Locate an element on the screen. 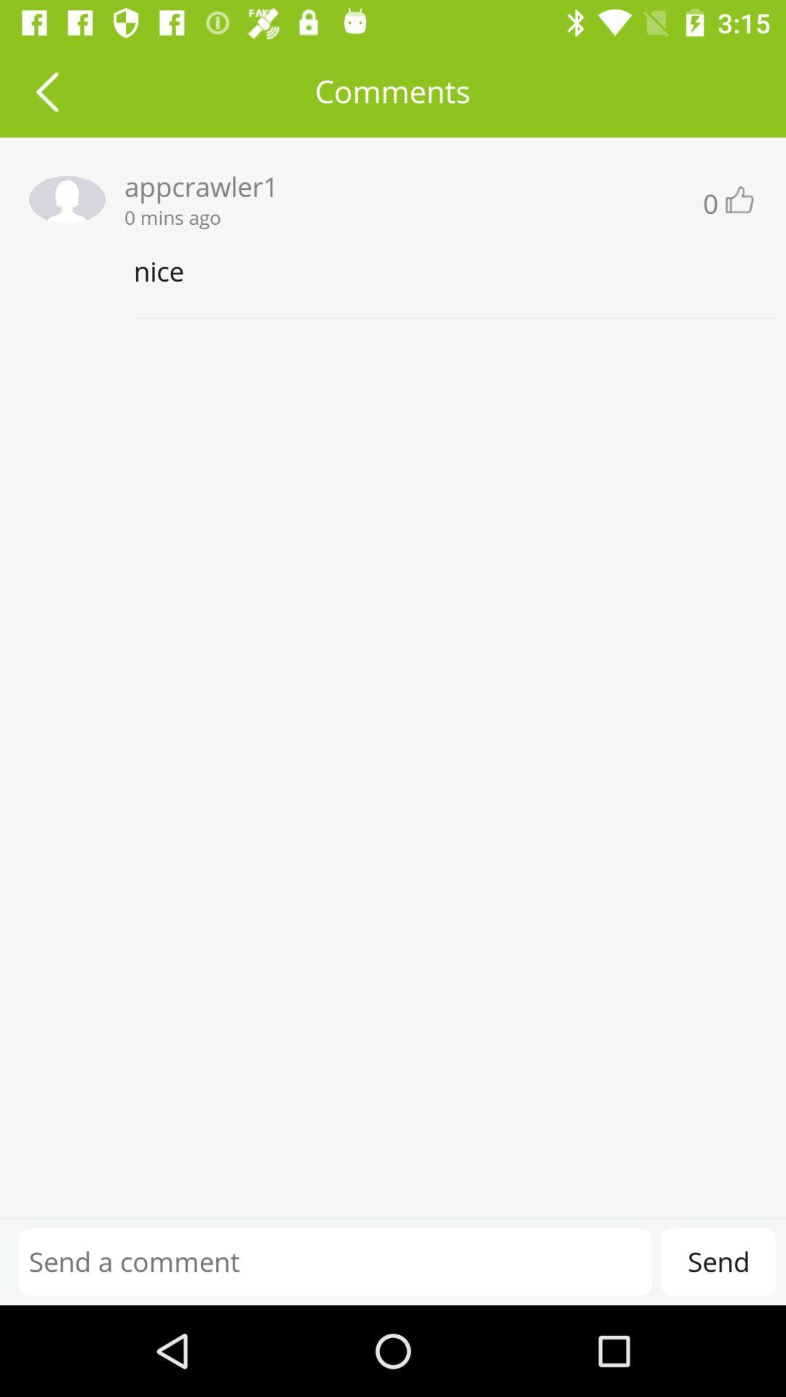  the icon above nice icon is located at coordinates (738, 199).